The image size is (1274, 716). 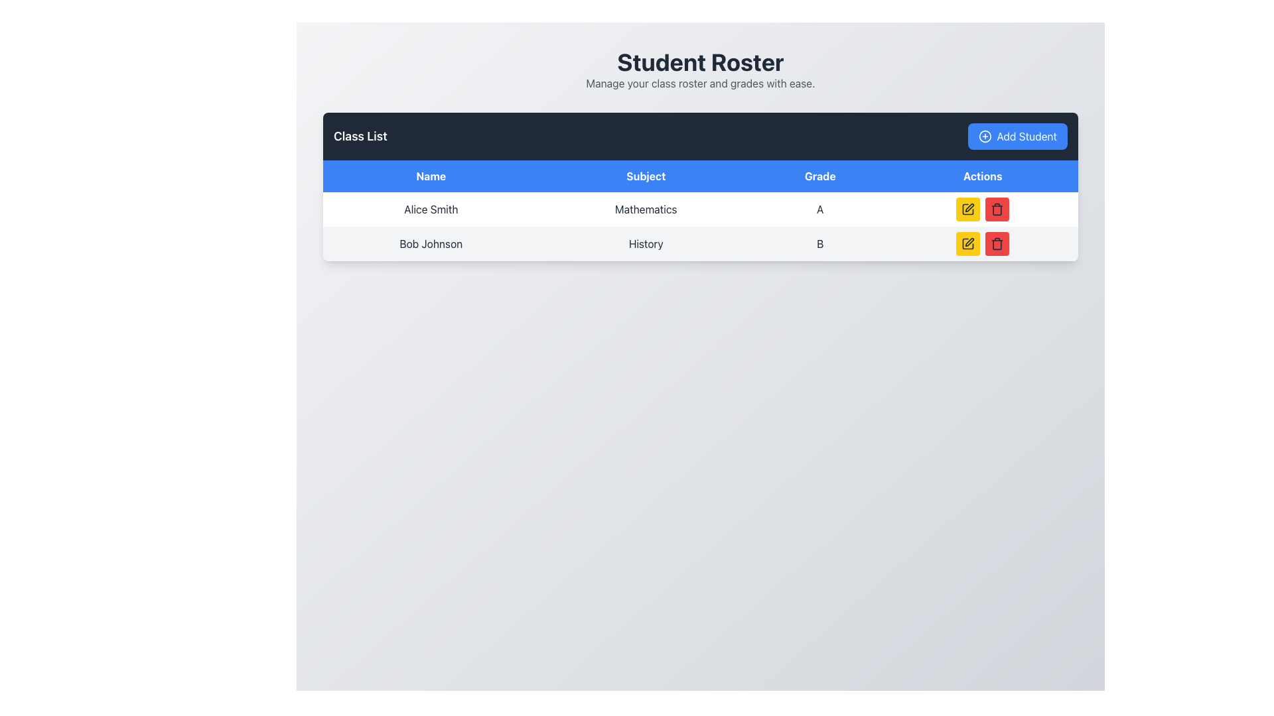 What do you see at coordinates (968, 243) in the screenshot?
I see `the yellow button with a rounded border and a black pen icon located in the 'Actions' column of the second row in the 'Class List' table` at bounding box center [968, 243].